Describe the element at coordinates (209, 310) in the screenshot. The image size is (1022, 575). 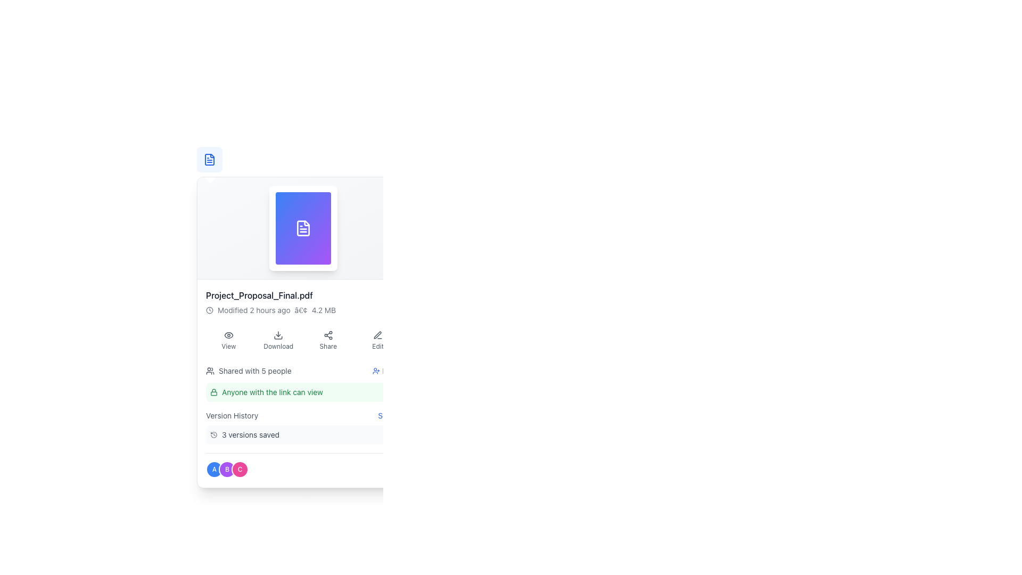
I see `the clock icon, which represents the modification time of the associated file` at that location.